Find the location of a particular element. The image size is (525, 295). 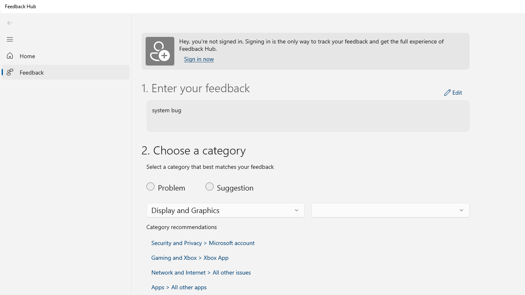

'Close Navigation' is located at coordinates (9, 39).